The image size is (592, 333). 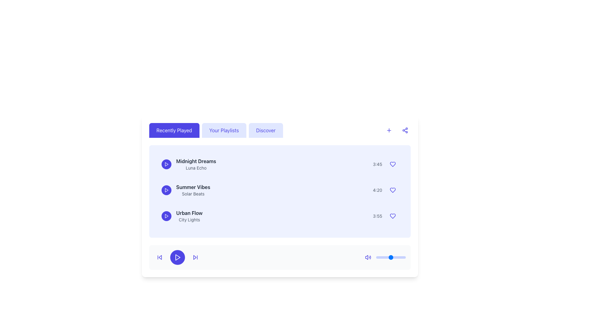 I want to click on the indigo speaker icon with sound waves located at the leftmost side of the control group in the bottom-right corner of the interface, so click(x=368, y=257).